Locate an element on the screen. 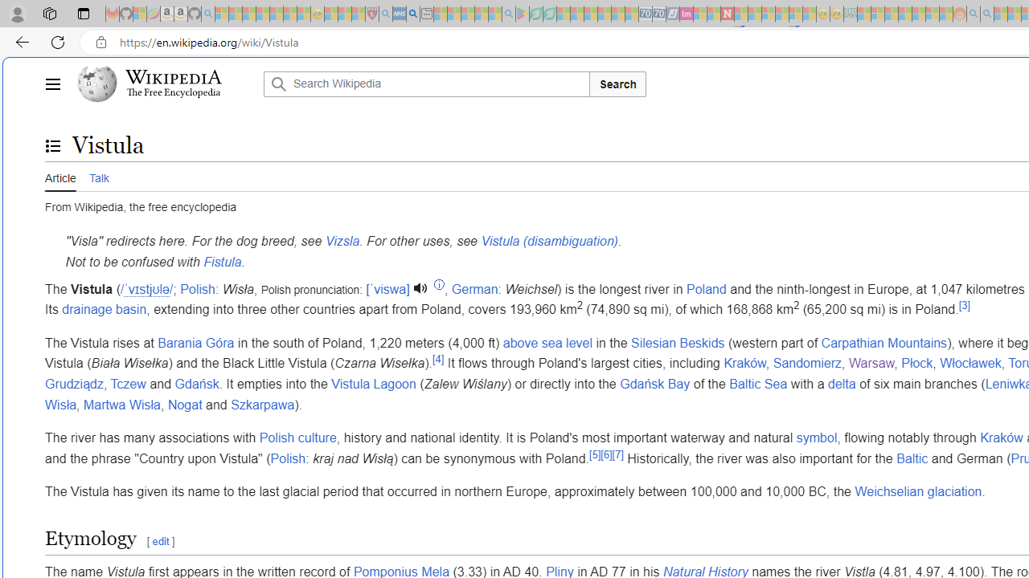 The width and height of the screenshot is (1029, 578). 'Main menu' is located at coordinates (52, 84).